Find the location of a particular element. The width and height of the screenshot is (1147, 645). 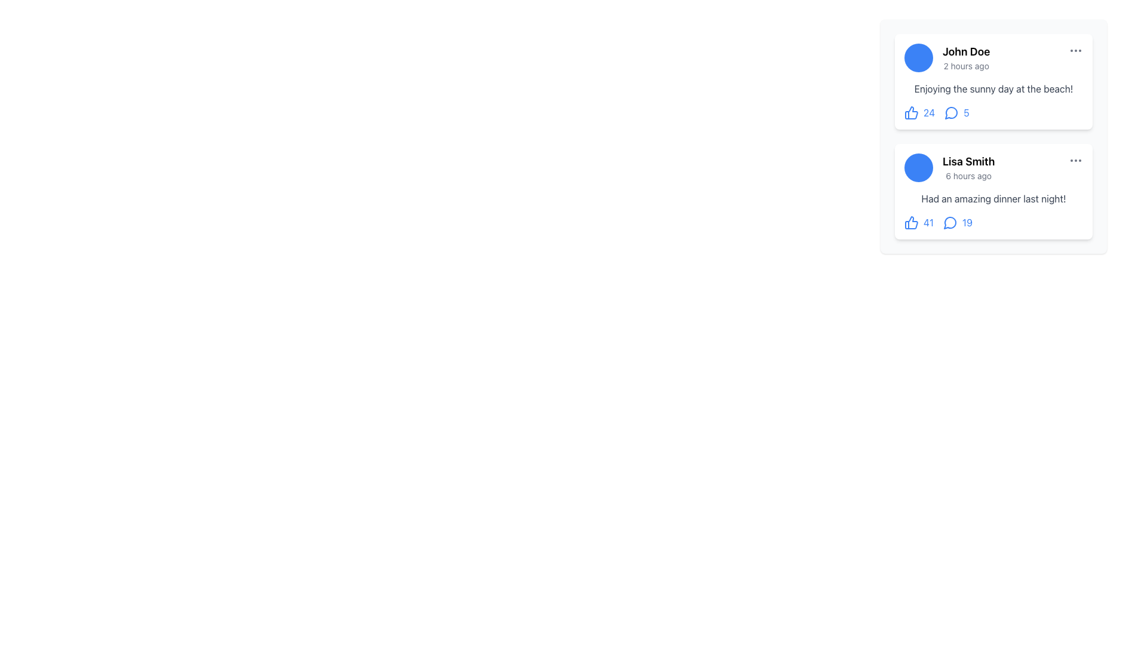

the user profile icon for 'Lisa Smith' in the User Information Header of the second post from the top is located at coordinates (949, 168).